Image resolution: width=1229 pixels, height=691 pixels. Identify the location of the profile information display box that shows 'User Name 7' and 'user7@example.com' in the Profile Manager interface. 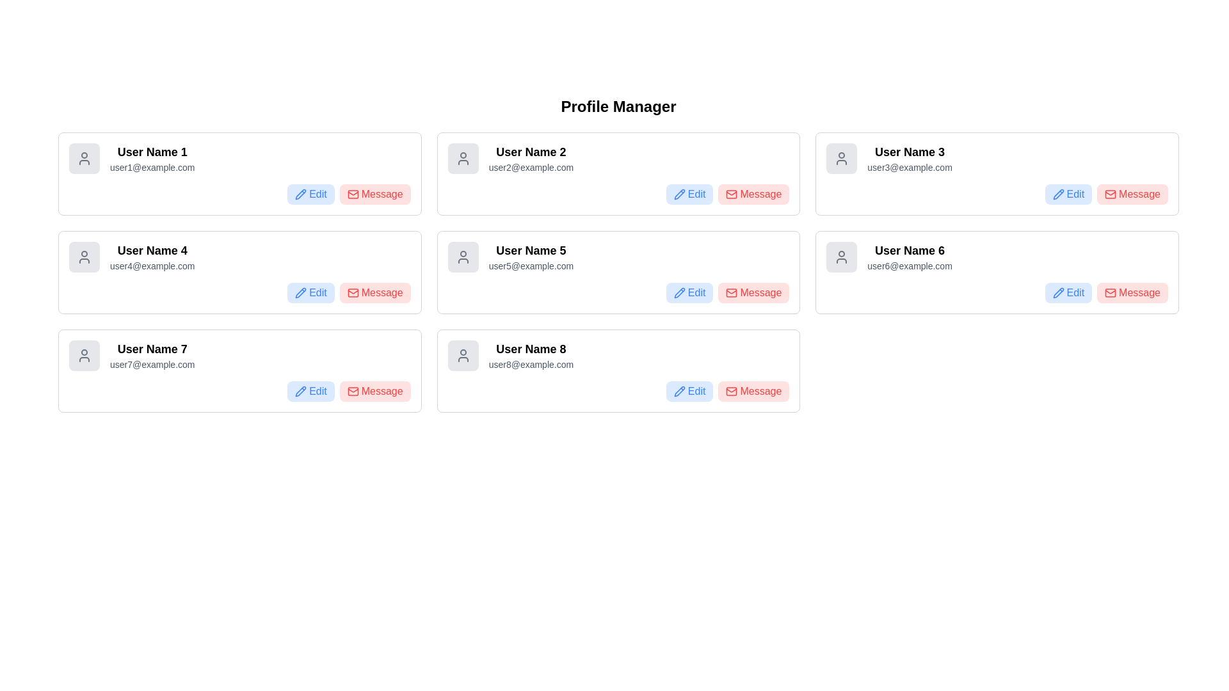
(239, 355).